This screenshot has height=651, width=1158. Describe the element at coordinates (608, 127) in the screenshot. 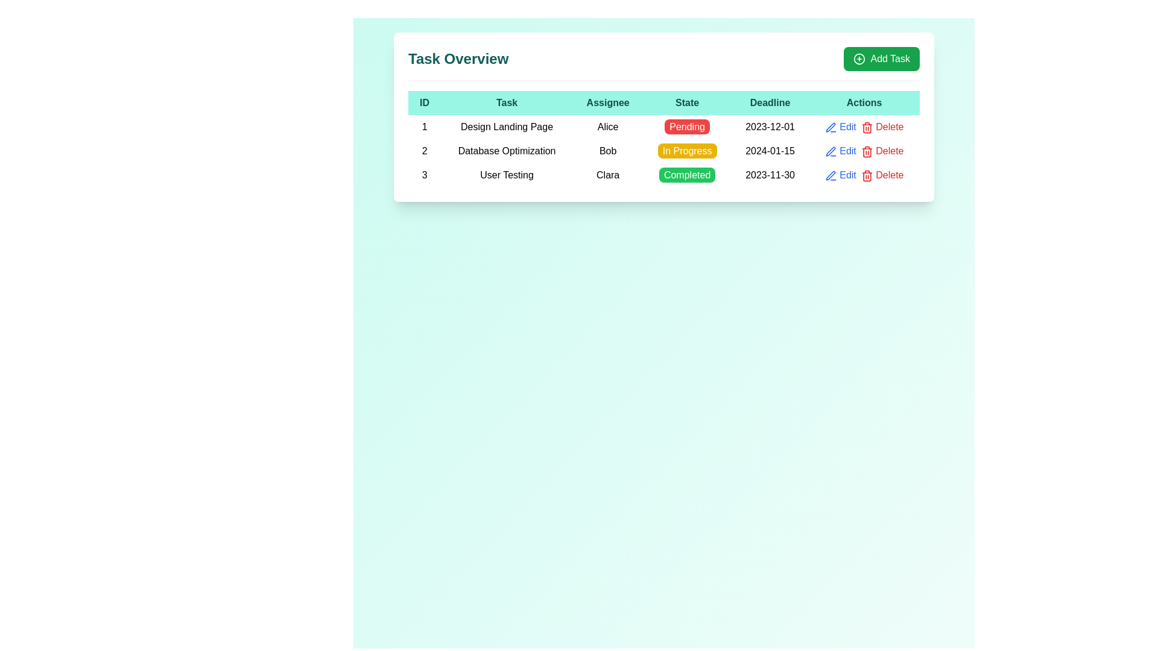

I see `the text element in the 'Assignee' column that identifies the individual assigned to a task for potential interactions` at that location.